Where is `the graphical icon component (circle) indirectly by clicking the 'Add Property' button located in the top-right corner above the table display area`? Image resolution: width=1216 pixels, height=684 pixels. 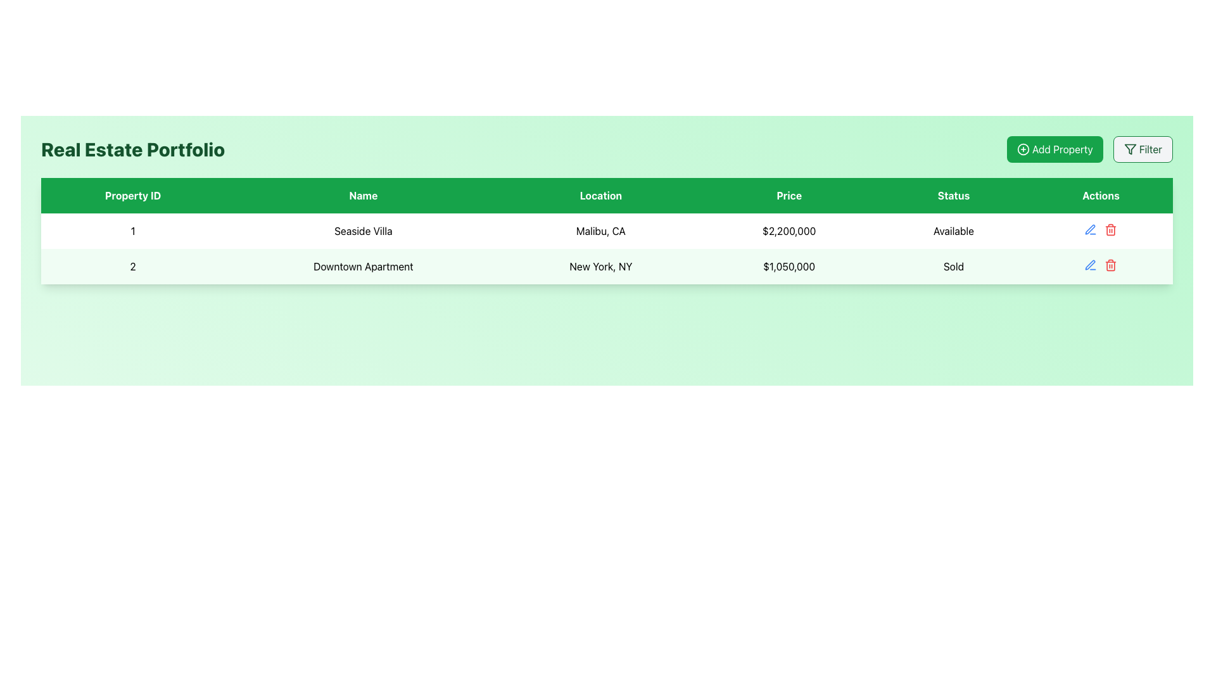 the graphical icon component (circle) indirectly by clicking the 'Add Property' button located in the top-right corner above the table display area is located at coordinates (1023, 148).